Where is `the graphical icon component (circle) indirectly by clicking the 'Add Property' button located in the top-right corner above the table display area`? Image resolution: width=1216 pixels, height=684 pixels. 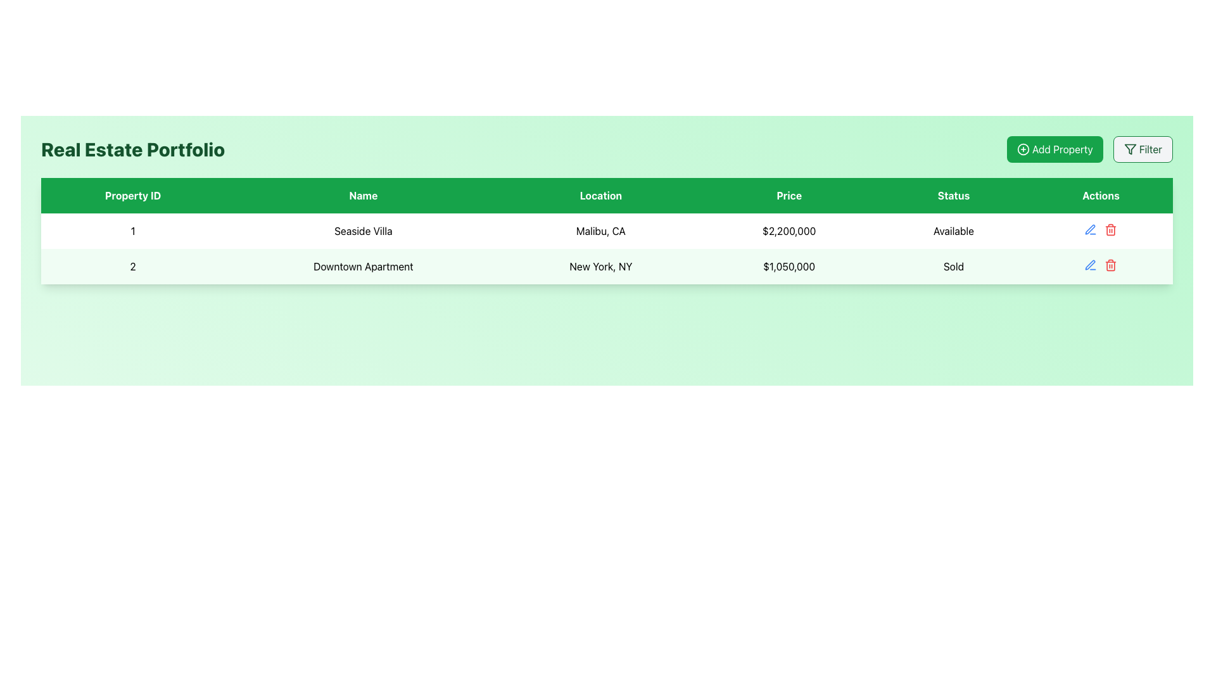 the graphical icon component (circle) indirectly by clicking the 'Add Property' button located in the top-right corner above the table display area is located at coordinates (1023, 148).